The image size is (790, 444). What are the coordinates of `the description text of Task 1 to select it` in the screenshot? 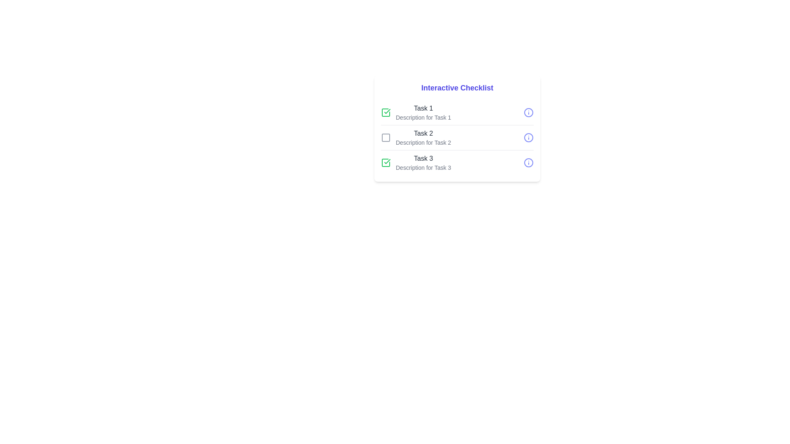 It's located at (423, 117).